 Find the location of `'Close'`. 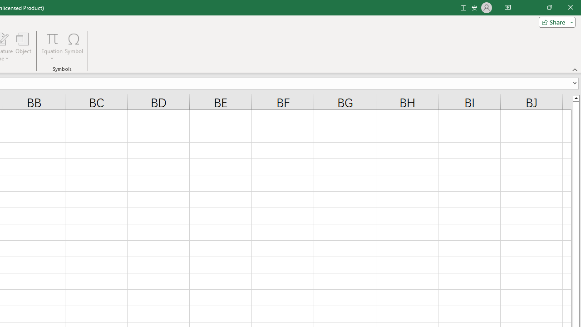

'Close' is located at coordinates (570, 7).